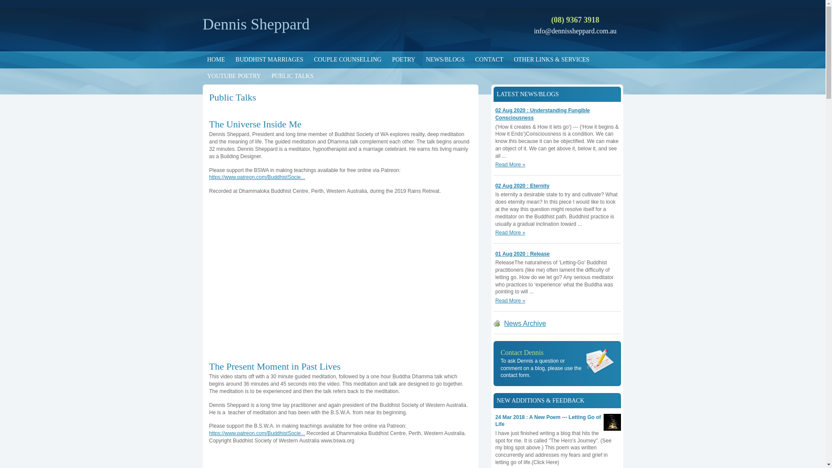 This screenshot has width=832, height=468. I want to click on 'info@dennissheppard.com.au', so click(575, 30).